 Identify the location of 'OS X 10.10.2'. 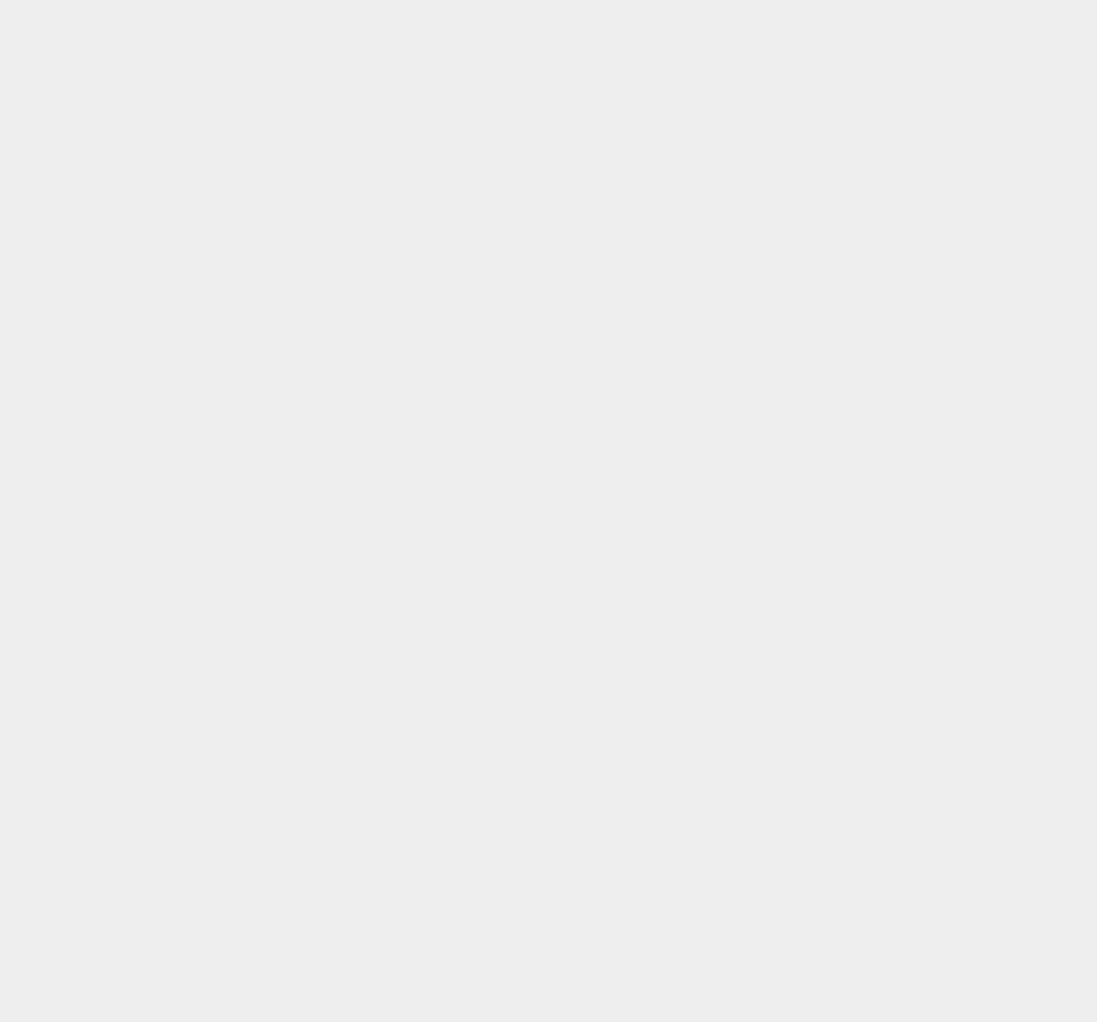
(813, 254).